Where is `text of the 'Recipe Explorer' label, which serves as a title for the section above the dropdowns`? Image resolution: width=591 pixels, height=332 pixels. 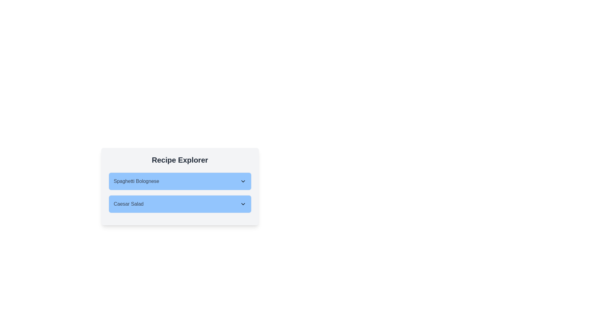 text of the 'Recipe Explorer' label, which serves as a title for the section above the dropdowns is located at coordinates (179, 160).